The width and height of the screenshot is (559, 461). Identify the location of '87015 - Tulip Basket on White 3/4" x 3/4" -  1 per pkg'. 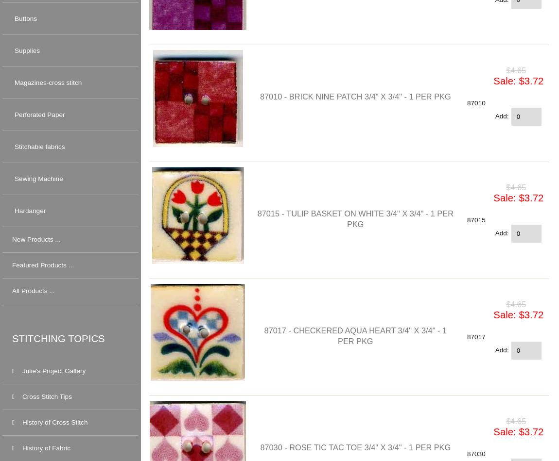
(354, 218).